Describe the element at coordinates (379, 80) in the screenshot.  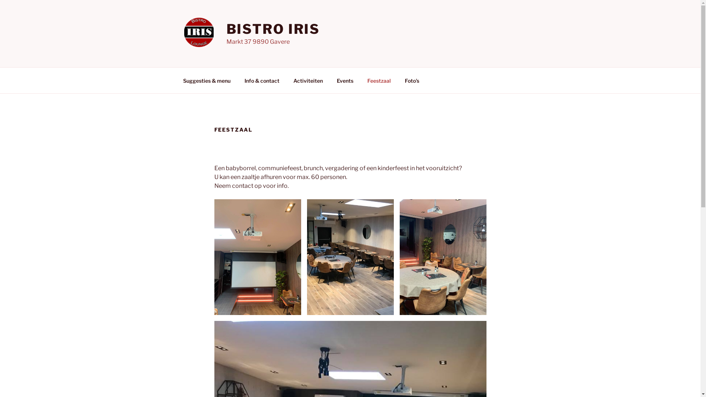
I see `'Feestzaal'` at that location.